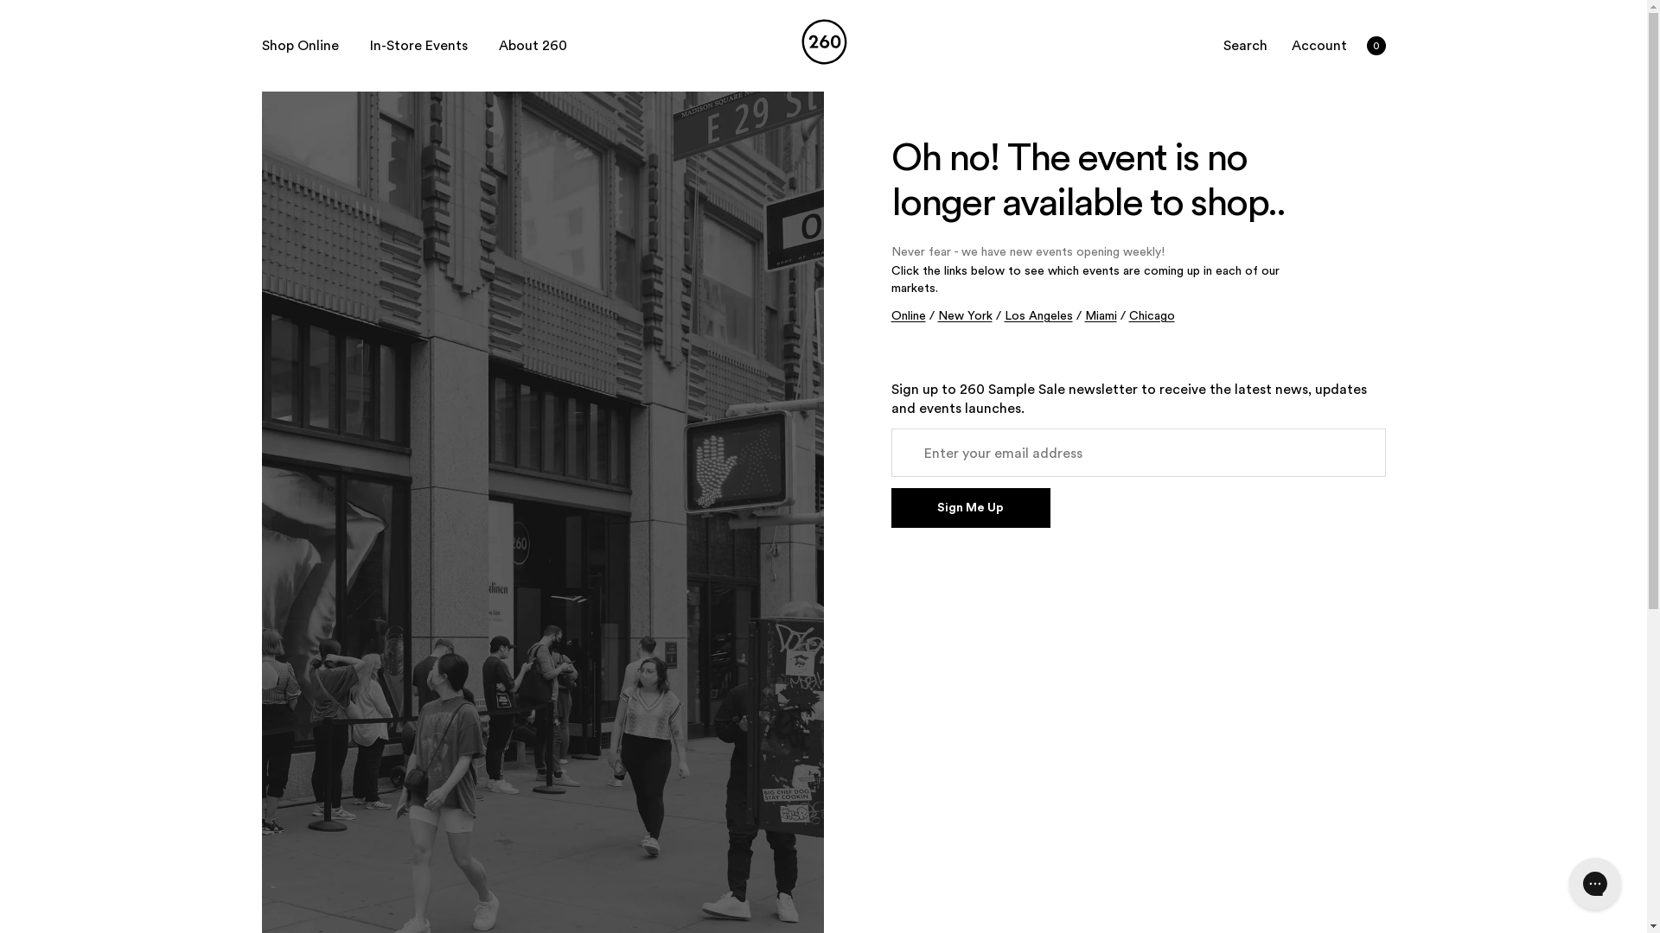 This screenshot has width=1660, height=933. What do you see at coordinates (173, 20) in the screenshot?
I see `'Ready to Checkout'` at bounding box center [173, 20].